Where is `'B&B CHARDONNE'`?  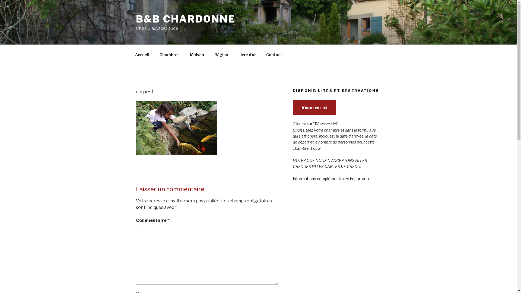
'B&B CHARDONNE' is located at coordinates (185, 18).